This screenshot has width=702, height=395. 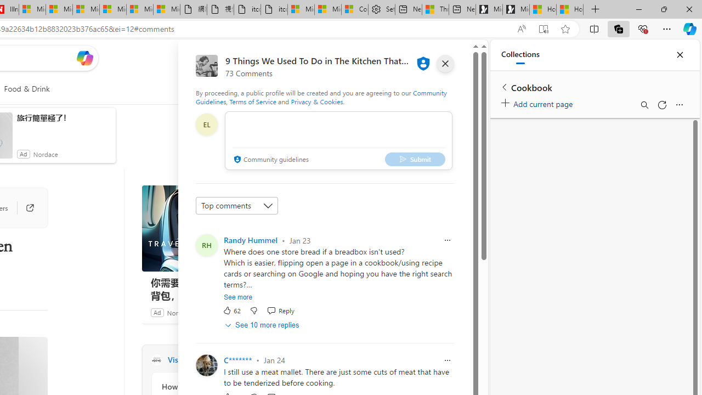 What do you see at coordinates (448, 360) in the screenshot?
I see `'Report comment'` at bounding box center [448, 360].